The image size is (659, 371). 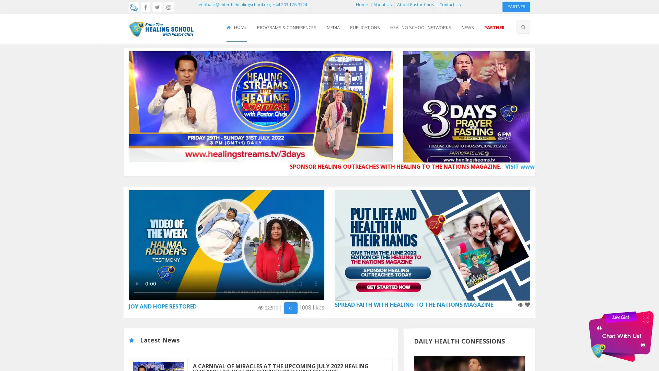 What do you see at coordinates (316, 283) in the screenshot?
I see `show more media controls` at bounding box center [316, 283].